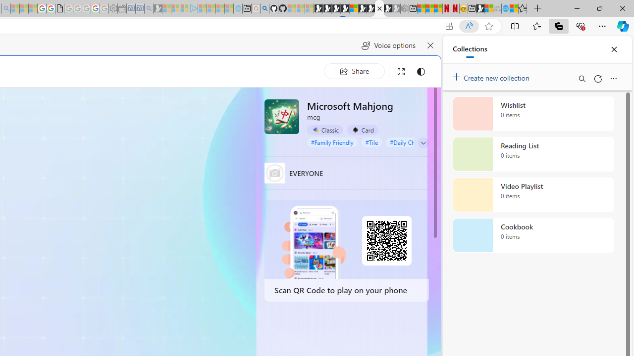 This screenshot has height=356, width=634. What do you see at coordinates (533, 113) in the screenshot?
I see `'Wishlist collection, 0 items'` at bounding box center [533, 113].